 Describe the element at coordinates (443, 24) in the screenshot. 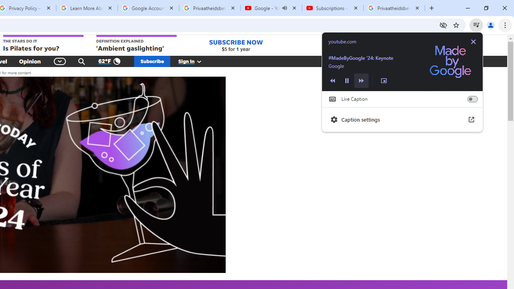

I see `'Third-party cookies blocked'` at that location.